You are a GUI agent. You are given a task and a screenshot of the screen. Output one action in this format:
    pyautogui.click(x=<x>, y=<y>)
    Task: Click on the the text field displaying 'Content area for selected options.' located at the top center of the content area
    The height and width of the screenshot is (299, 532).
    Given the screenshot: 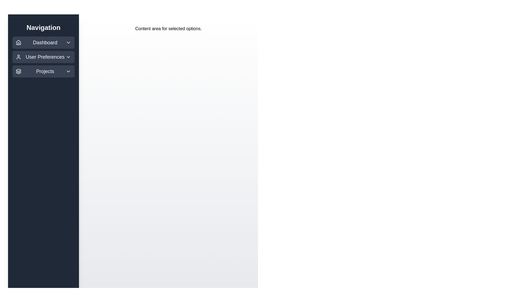 What is the action you would take?
    pyautogui.click(x=168, y=29)
    